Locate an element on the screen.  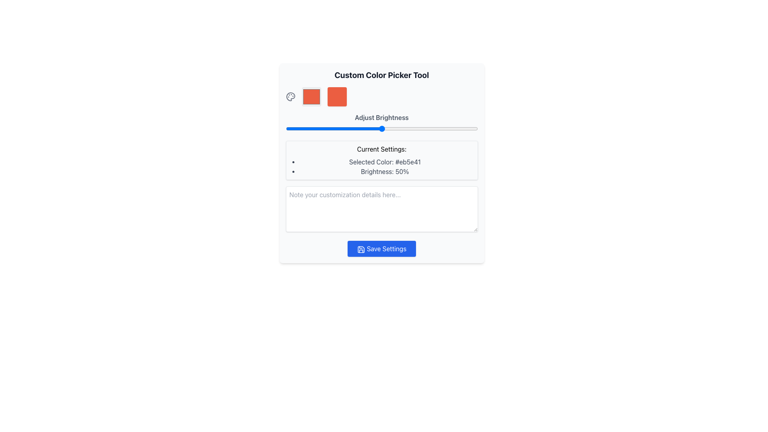
the save settings icon located to the left of the 'Save Settings' button at the bottom-center of the interface is located at coordinates (360, 249).